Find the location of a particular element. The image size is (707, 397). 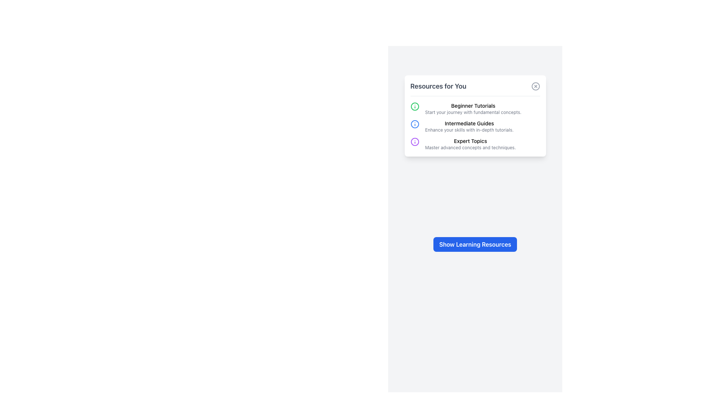

contents of the Informational list item titled 'Intermediate Guides' with the subheading 'Enhance your skills with in-depth tutorials.' is located at coordinates (475, 126).